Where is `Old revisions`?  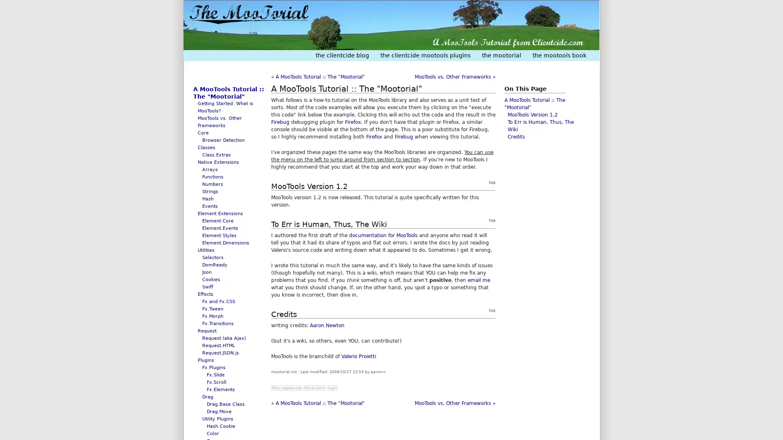
Old revisions is located at coordinates (314, 387).